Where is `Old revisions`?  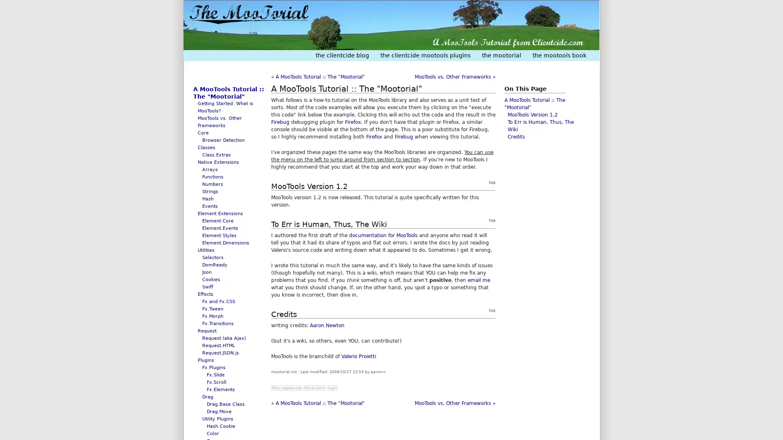
Old revisions is located at coordinates (314, 387).